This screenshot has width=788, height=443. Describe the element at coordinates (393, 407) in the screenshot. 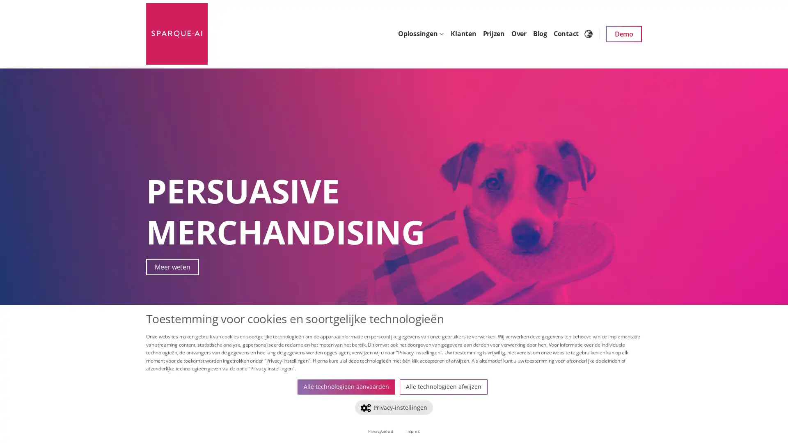

I see `Privacy-instellingen` at that location.